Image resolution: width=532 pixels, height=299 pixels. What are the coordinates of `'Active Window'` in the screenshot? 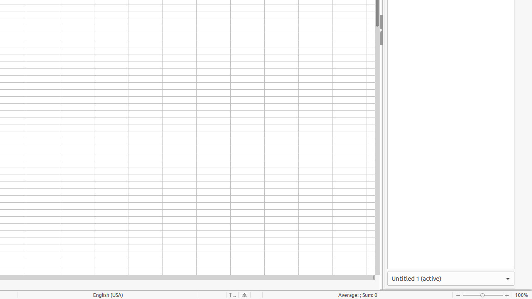 It's located at (451, 278).